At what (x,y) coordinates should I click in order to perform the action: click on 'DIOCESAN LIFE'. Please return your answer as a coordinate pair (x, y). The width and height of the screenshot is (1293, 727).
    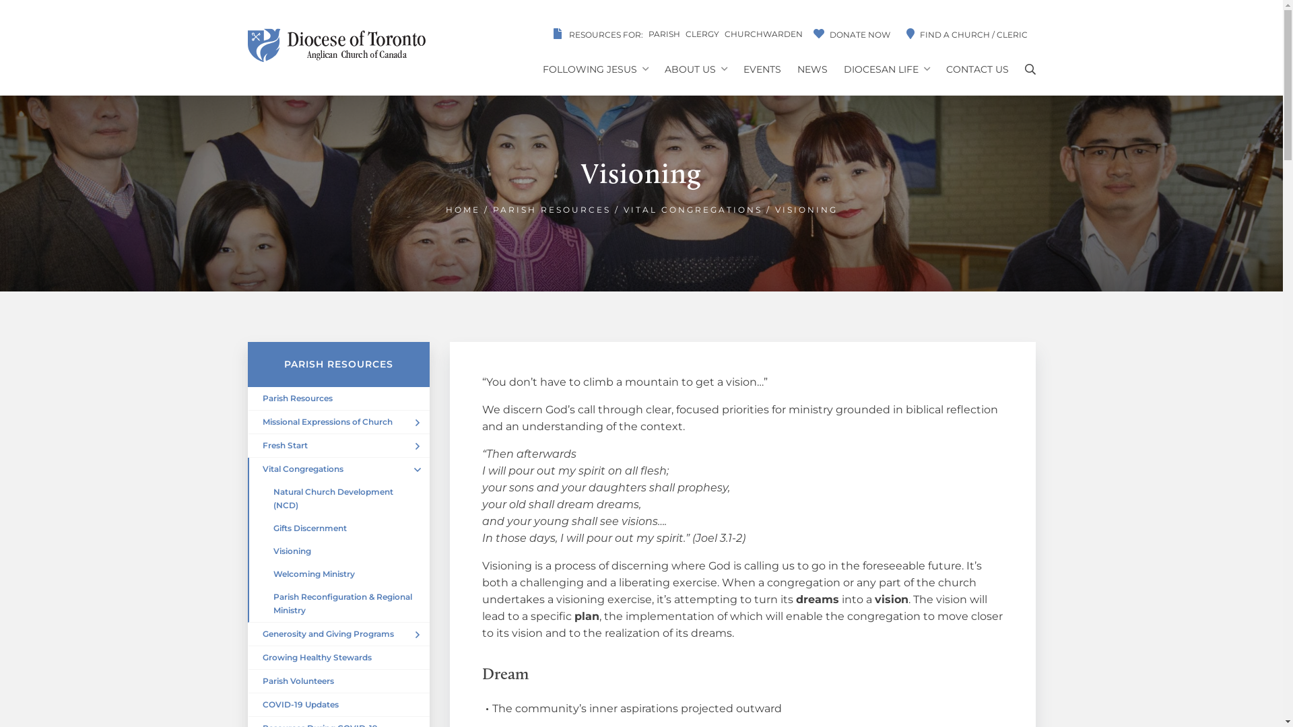
    Looking at the image, I should click on (886, 69).